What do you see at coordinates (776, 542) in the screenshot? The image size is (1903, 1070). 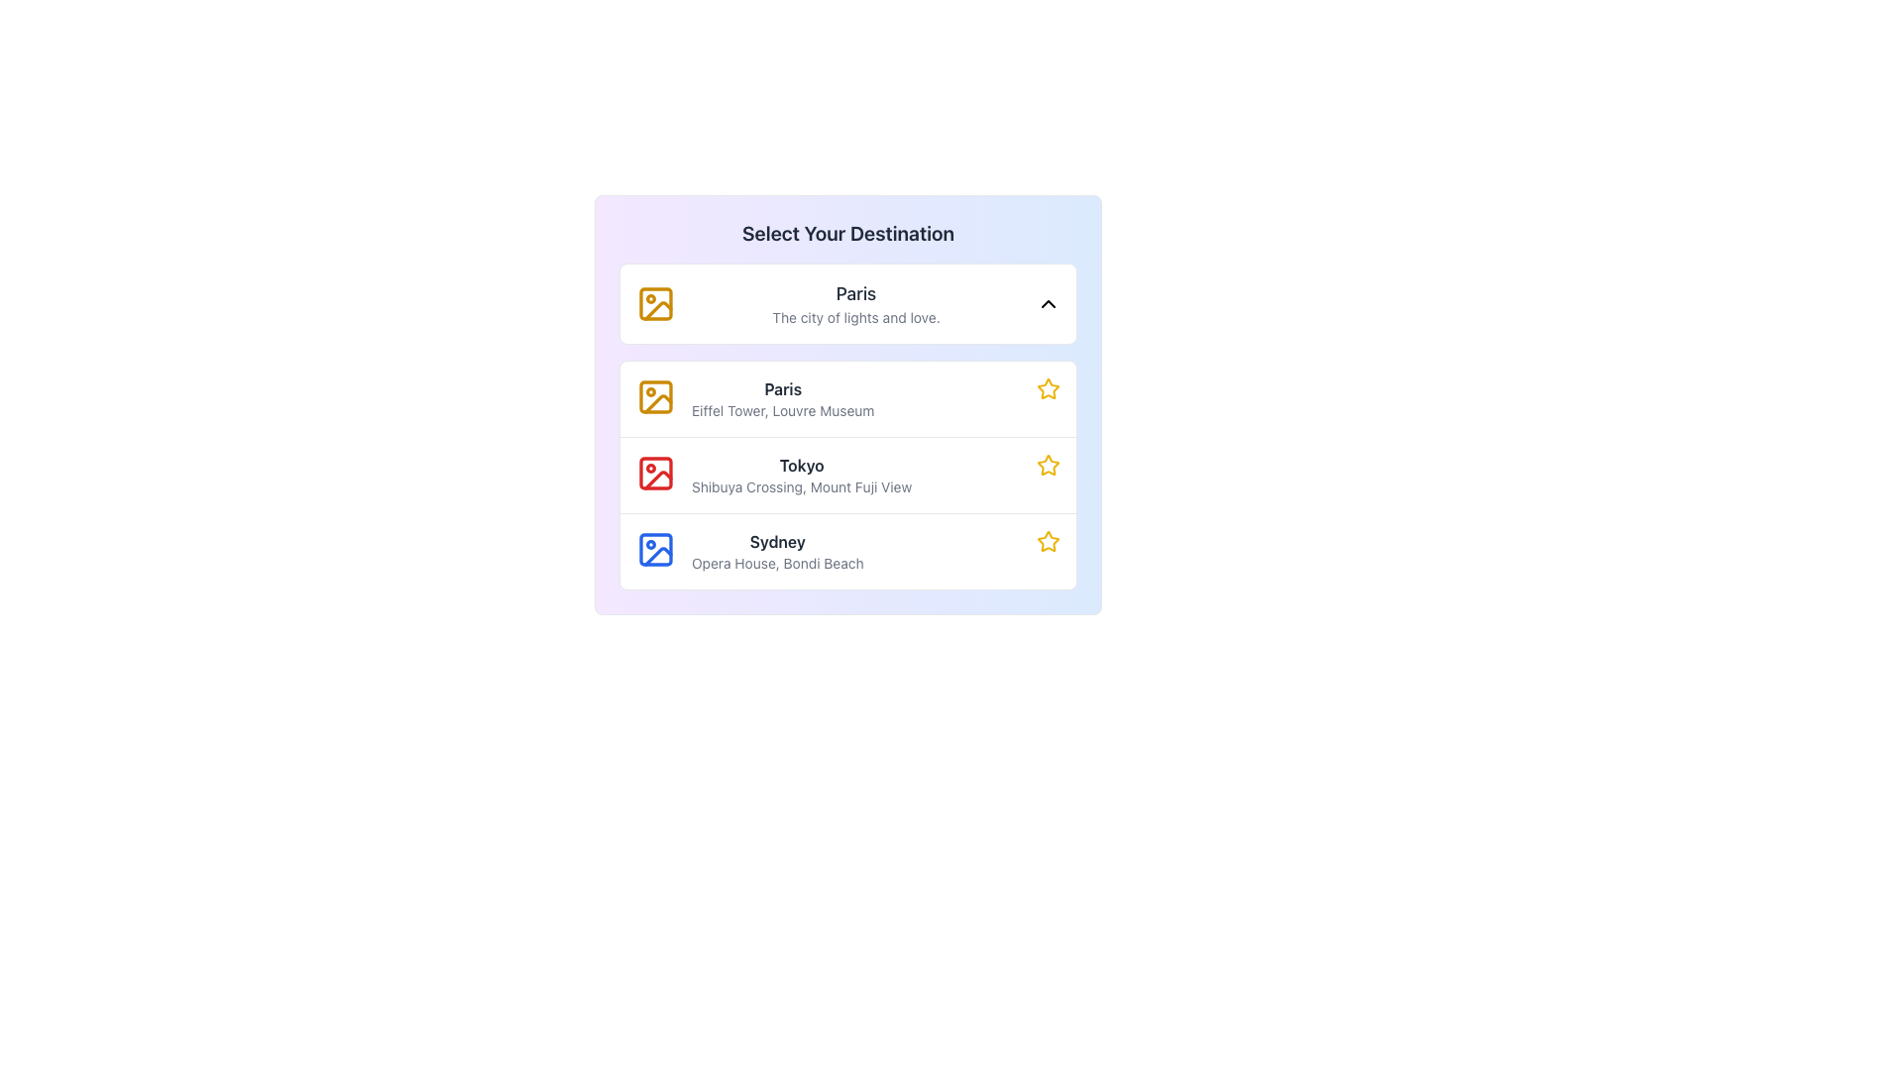 I see `text displayed in the bold 'Sydney' label located in the information card at the specified coordinates` at bounding box center [776, 542].